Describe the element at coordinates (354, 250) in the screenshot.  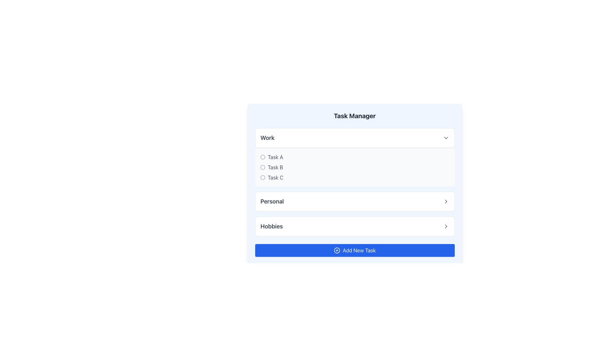
I see `the 'Add Task' button located at the bottom of the 'Task Manager' panel` at that location.